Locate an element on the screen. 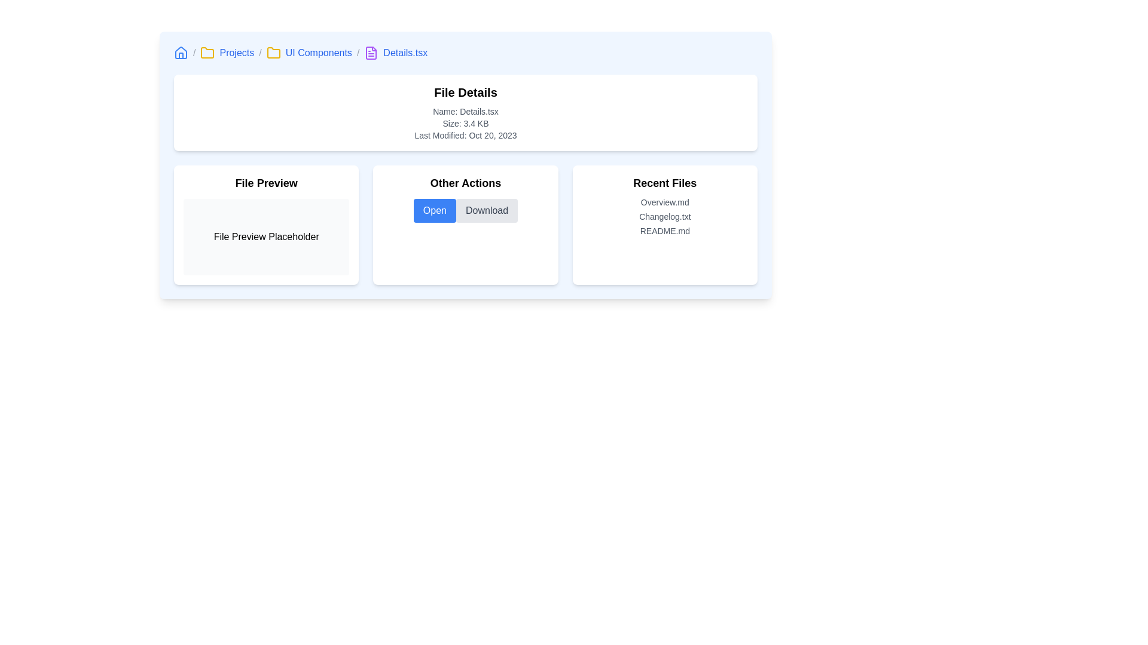 The width and height of the screenshot is (1148, 645). the 'Projects' breadcrumb text link to possibly trigger additional information is located at coordinates (237, 52).